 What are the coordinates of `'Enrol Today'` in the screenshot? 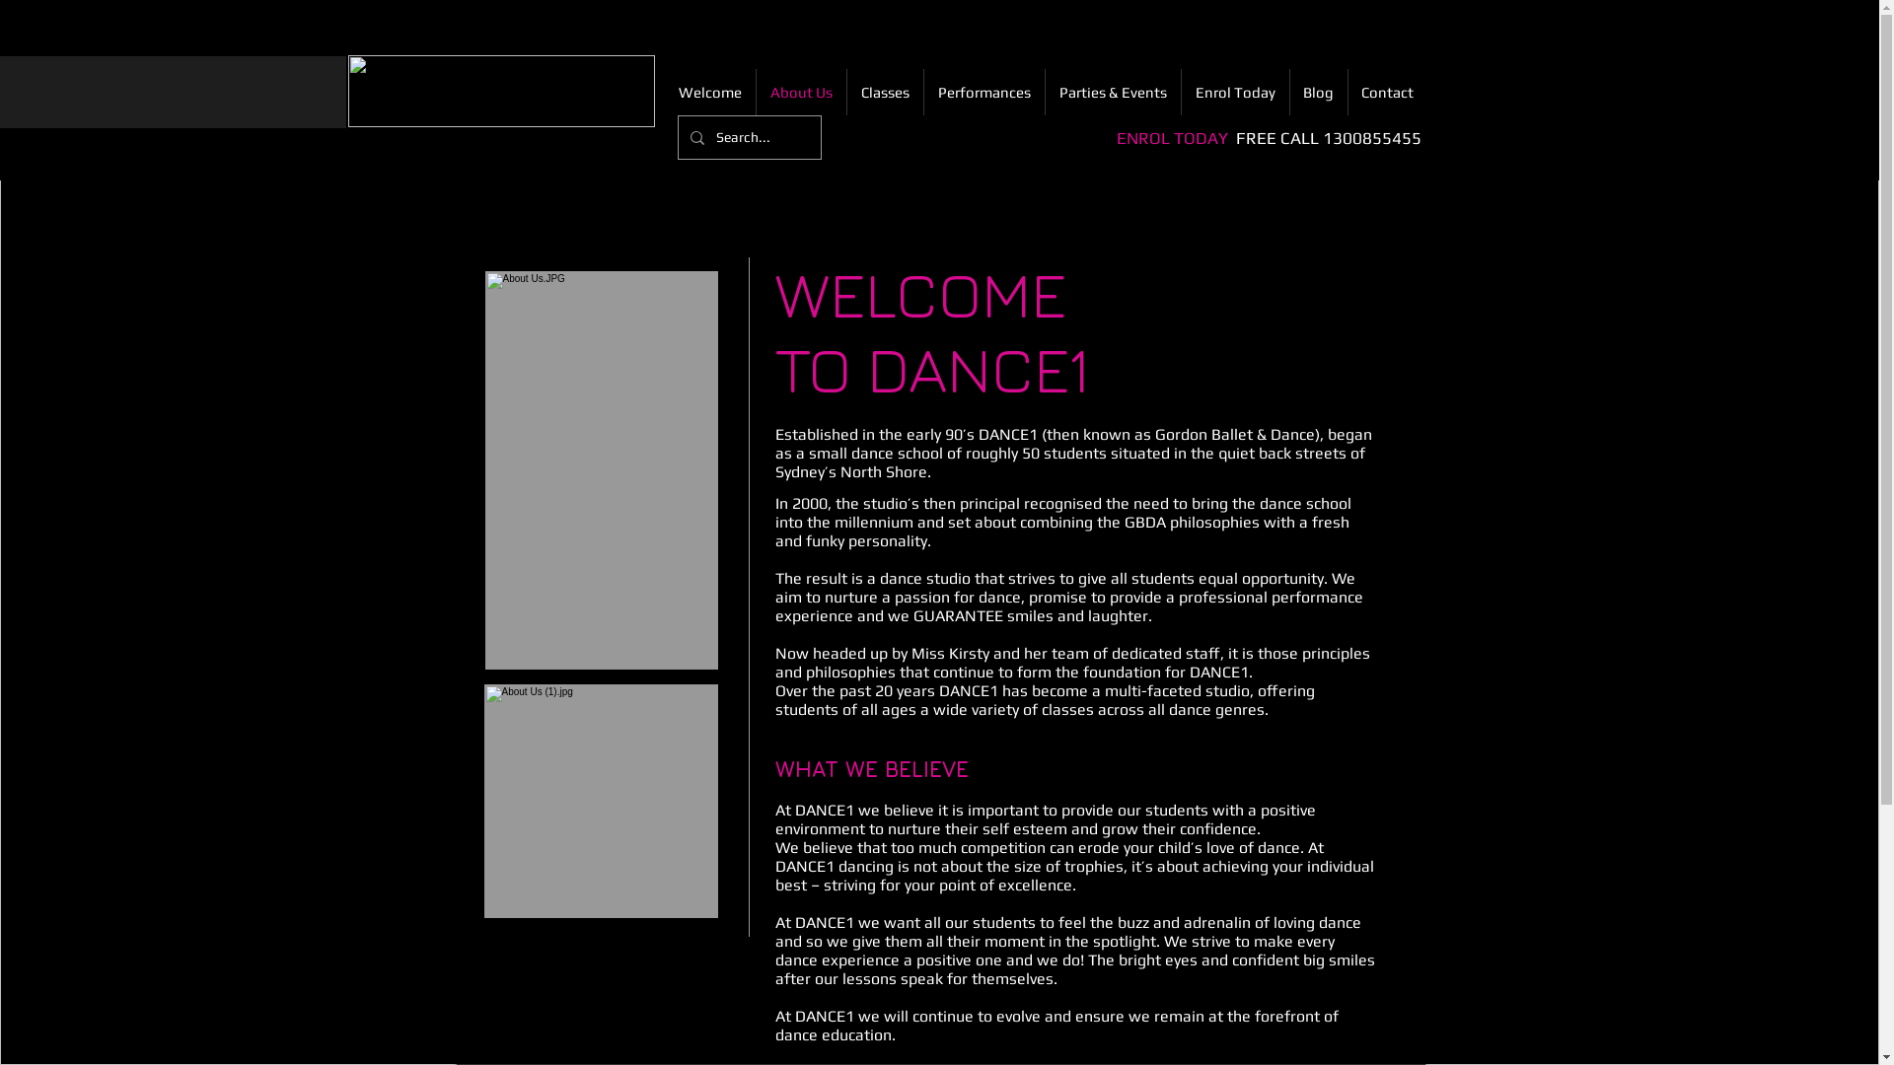 It's located at (1234, 92).